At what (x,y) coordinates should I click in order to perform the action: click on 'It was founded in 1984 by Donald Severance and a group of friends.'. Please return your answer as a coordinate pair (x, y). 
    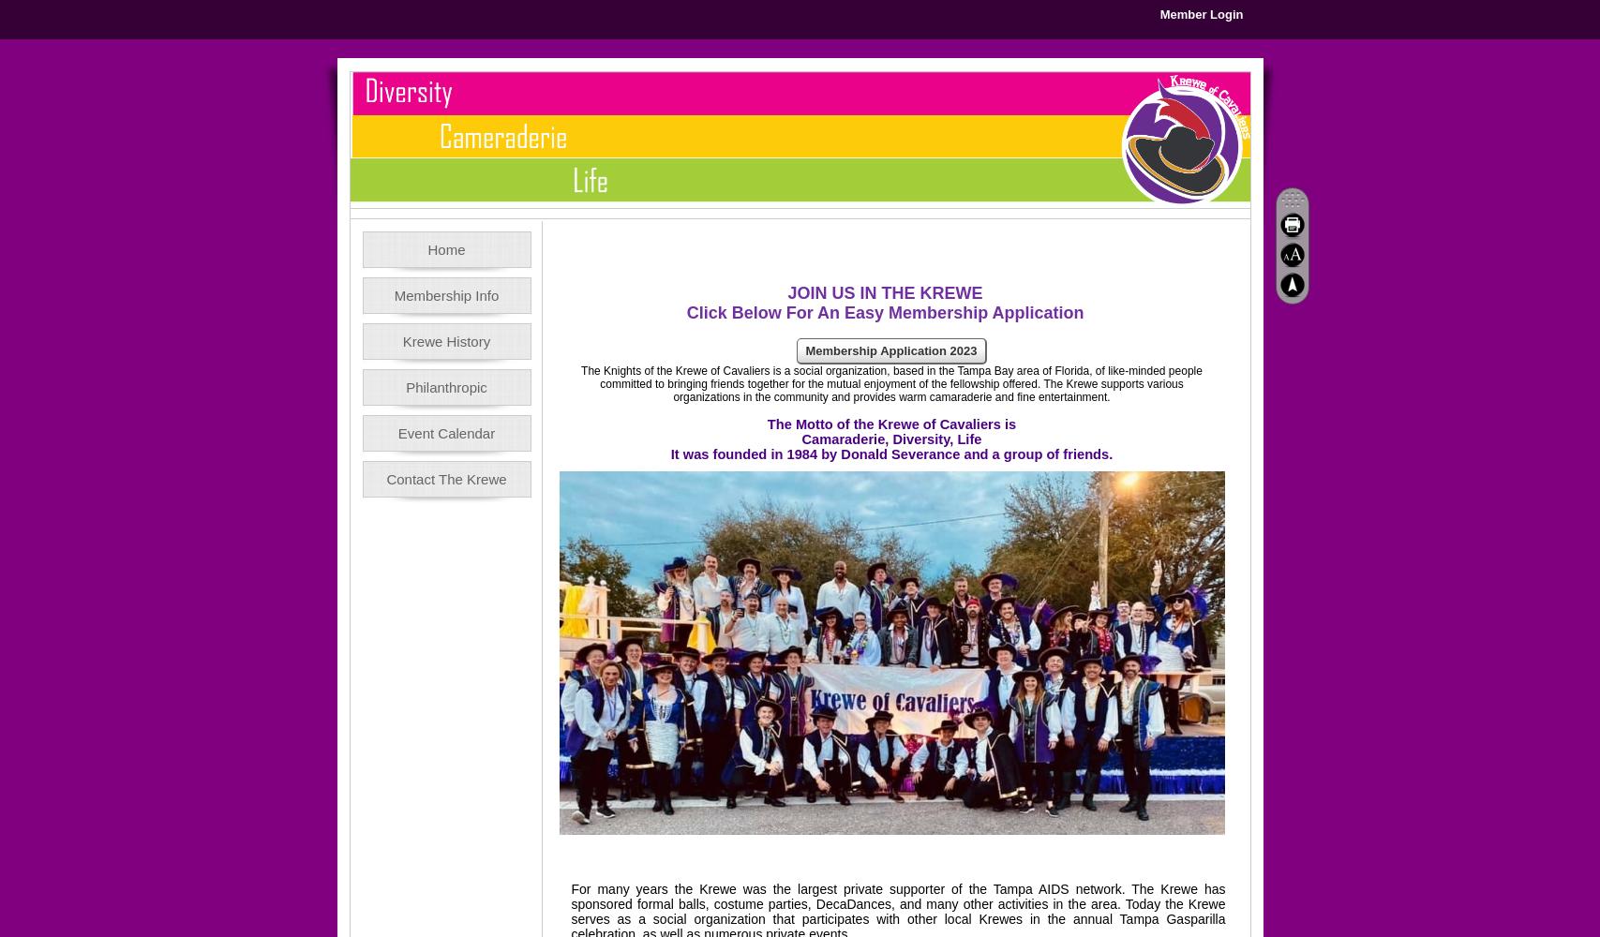
    Looking at the image, I should click on (890, 454).